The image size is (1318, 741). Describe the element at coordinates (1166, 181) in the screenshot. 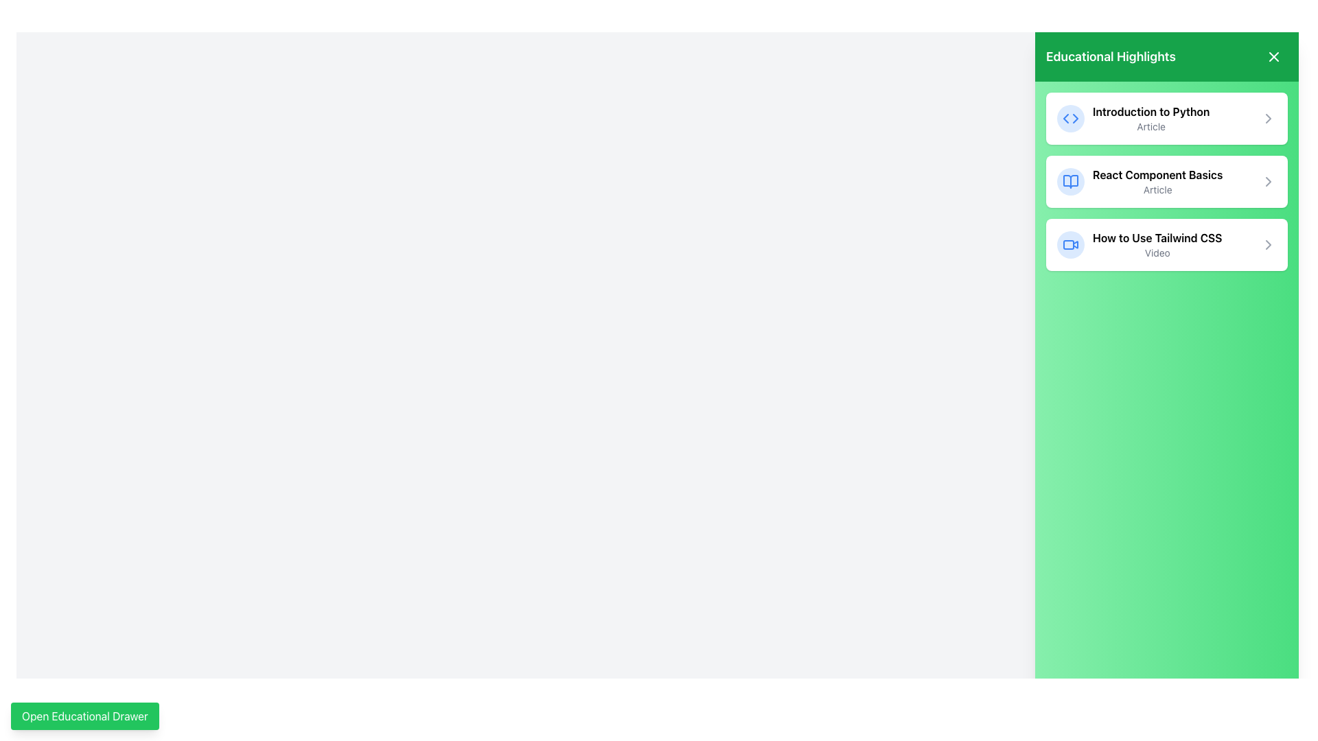

I see `the Interactive card labeled 'React Component Basics' which is the second card in the 'Educational Highlights' drawer` at that location.